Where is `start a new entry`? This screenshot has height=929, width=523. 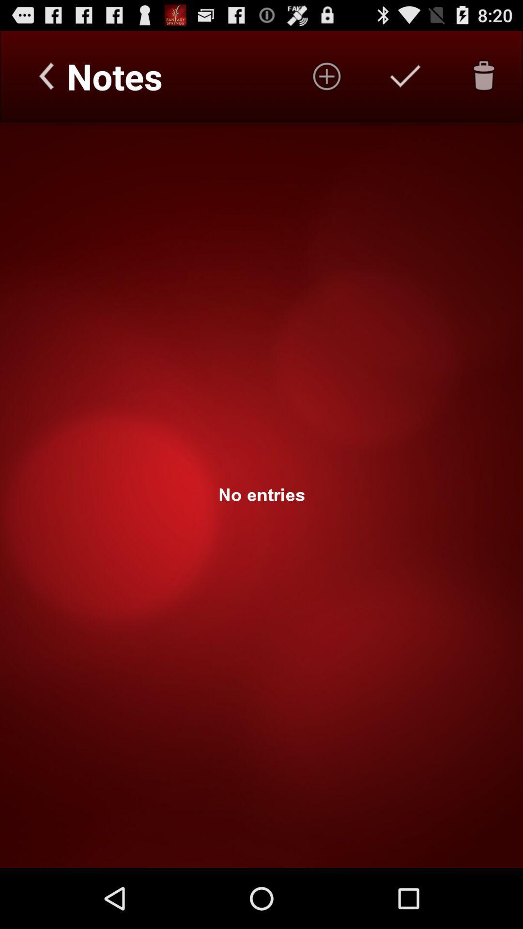
start a new entry is located at coordinates (327, 75).